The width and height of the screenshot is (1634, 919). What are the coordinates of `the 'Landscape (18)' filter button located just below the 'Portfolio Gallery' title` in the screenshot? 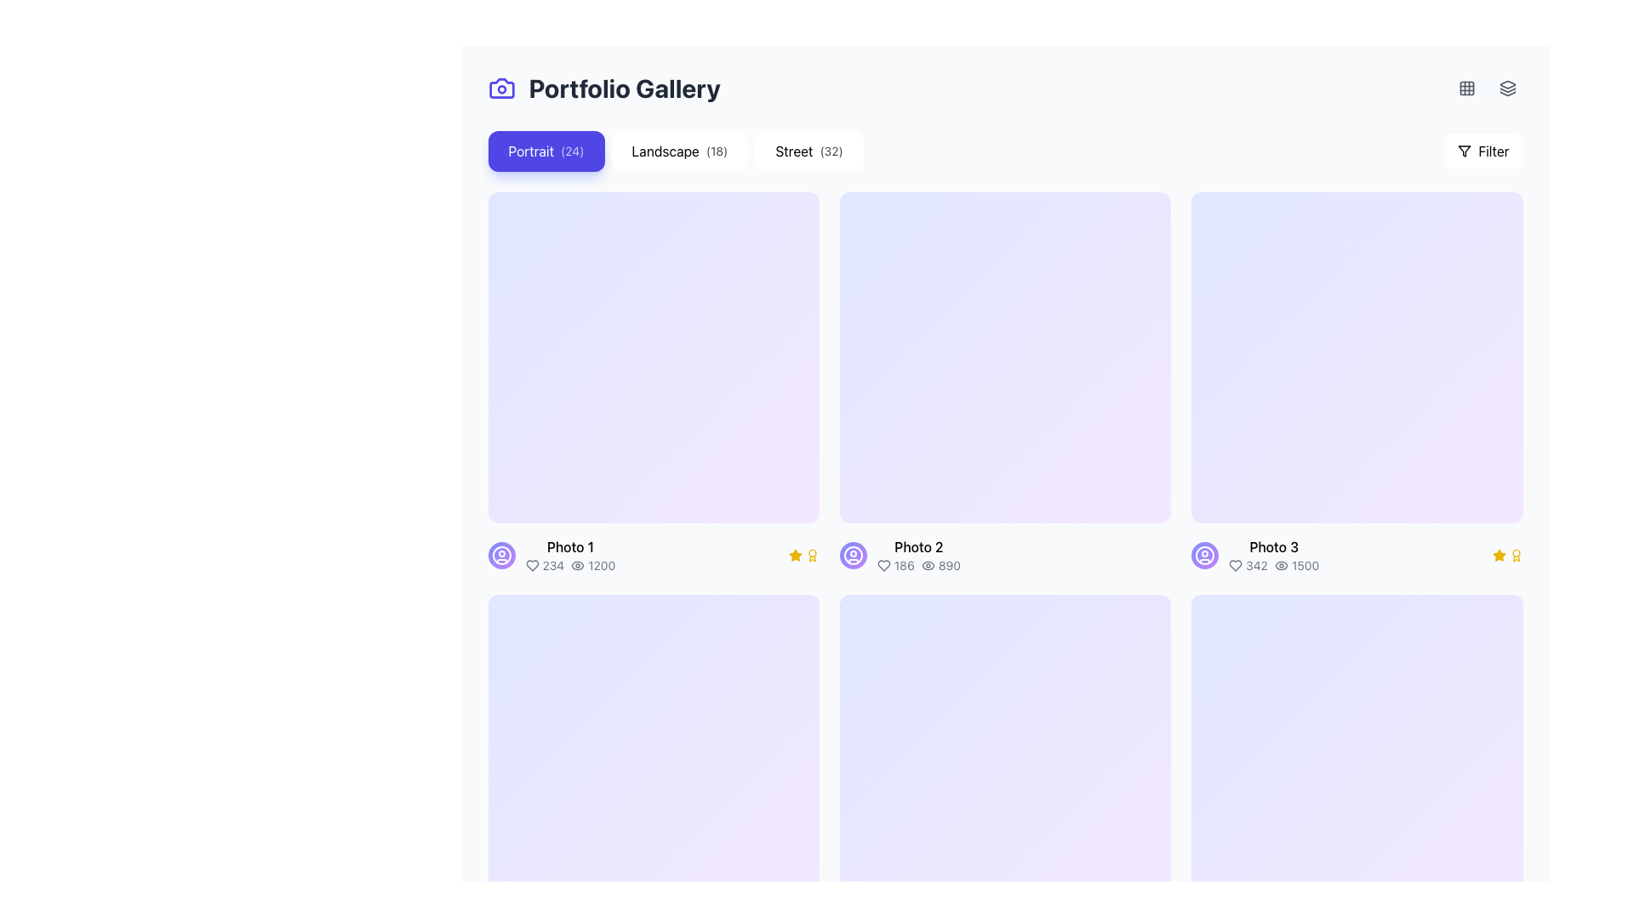 It's located at (675, 150).